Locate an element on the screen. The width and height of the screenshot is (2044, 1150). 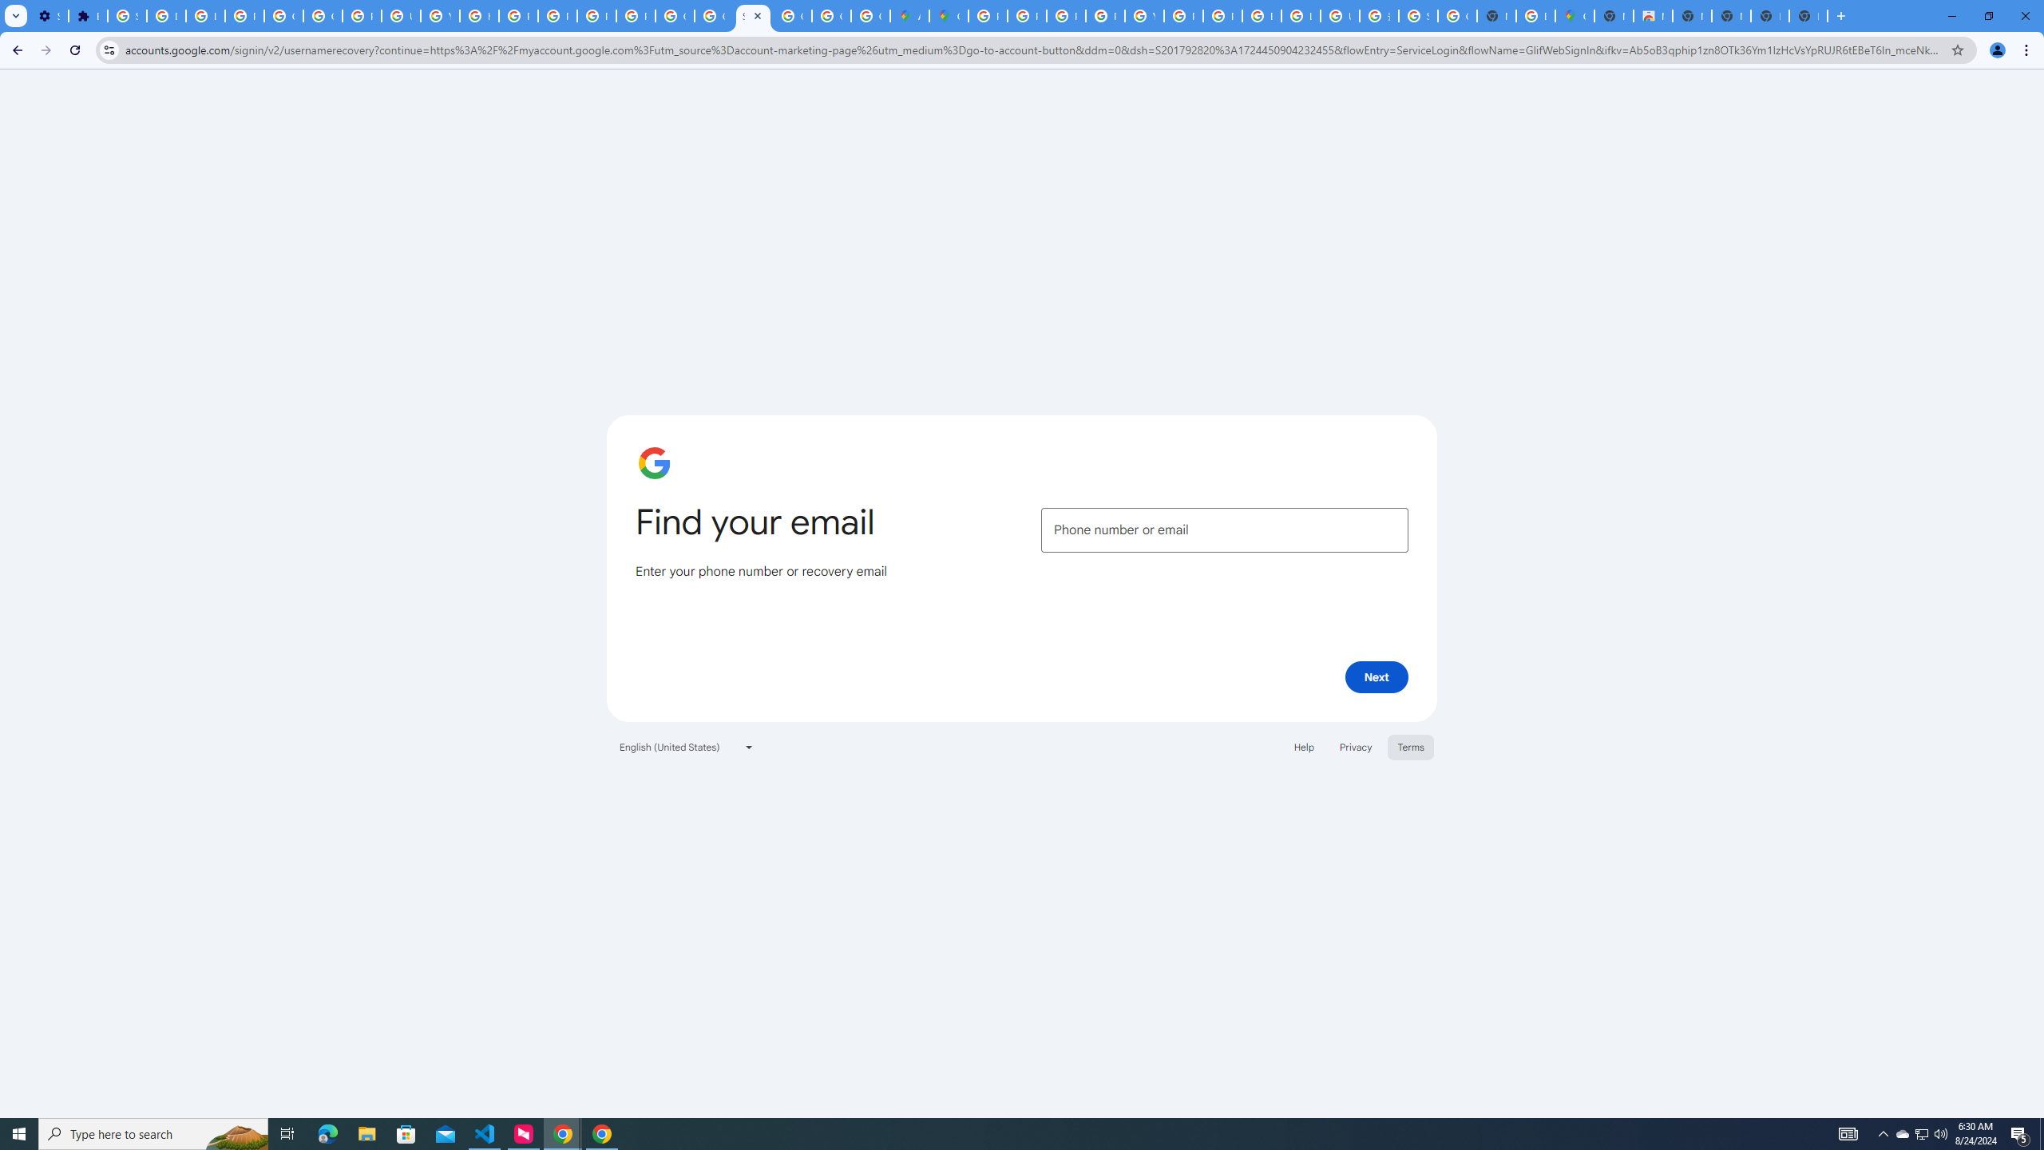
'Google Account Help' is located at coordinates (322, 15).